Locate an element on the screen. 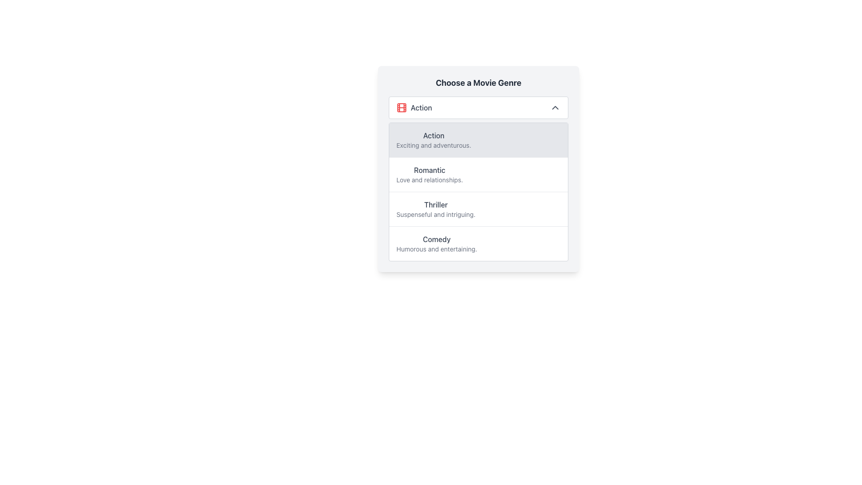  the static text label providing a descriptive subtitle for the 'Comedy' genre, located beneath the 'Comedy' title and positioned as the fourth entry in the movie genre list is located at coordinates (436, 249).